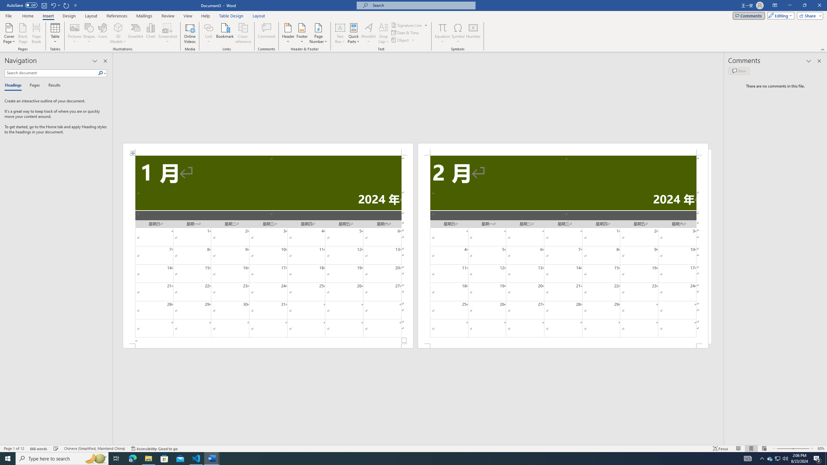 Image resolution: width=827 pixels, height=465 pixels. I want to click on 'Text Box', so click(340, 33).